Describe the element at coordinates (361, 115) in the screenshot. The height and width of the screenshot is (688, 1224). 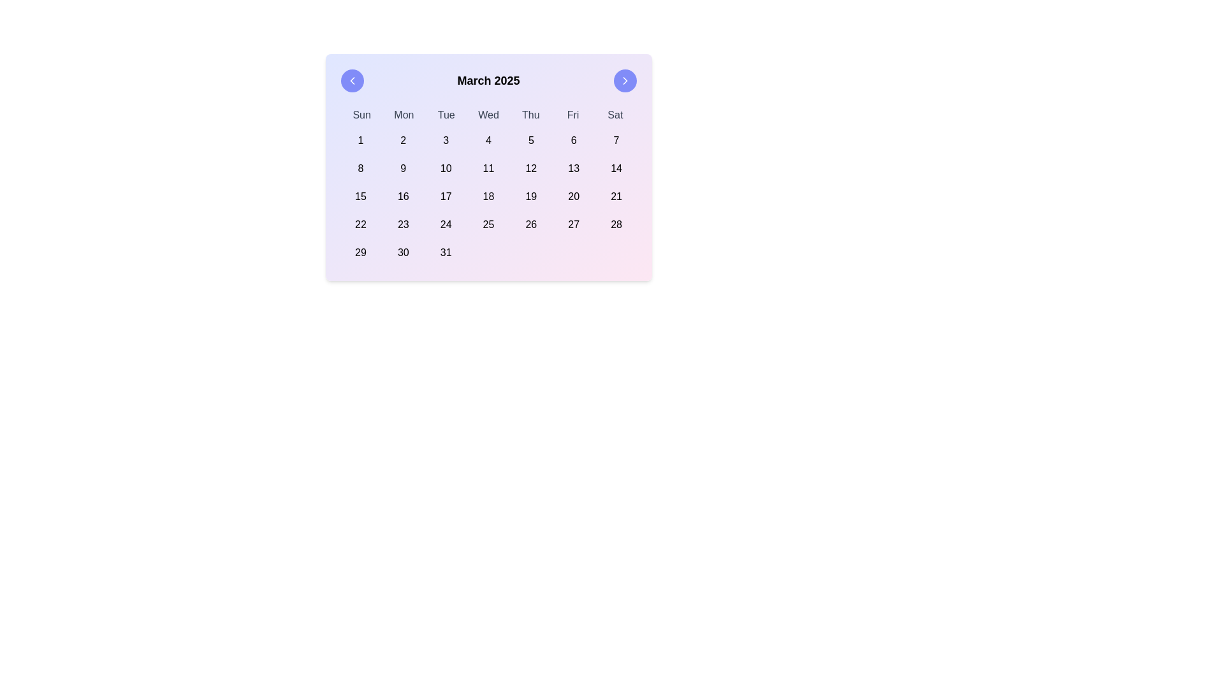
I see `the 'Sun' text label in the calendar header that represents the abbreviation for 'Sunday', located at the leftmost position of the day abbreviations row` at that location.